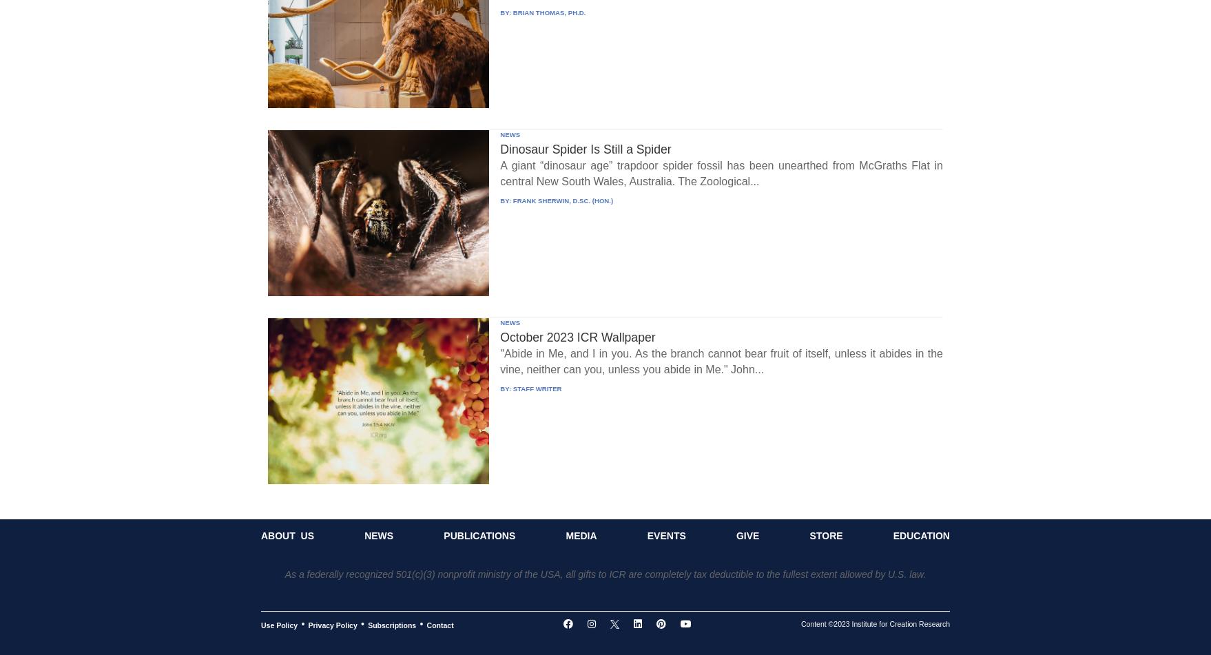 The height and width of the screenshot is (655, 1211). Describe the element at coordinates (747, 535) in the screenshot. I see `'Give'` at that location.